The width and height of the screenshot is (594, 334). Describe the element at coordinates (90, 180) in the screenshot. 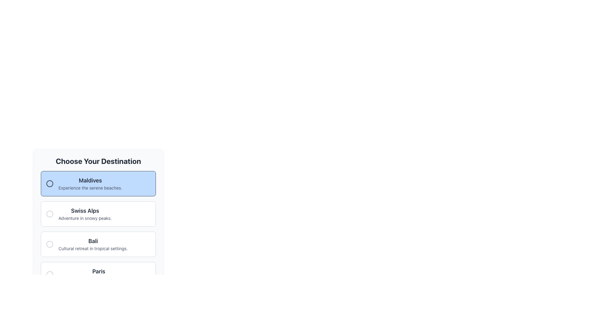

I see `text label indicating the destination 'Maldives' located in the first card of the vertical list under 'Choose Your Destination'` at that location.